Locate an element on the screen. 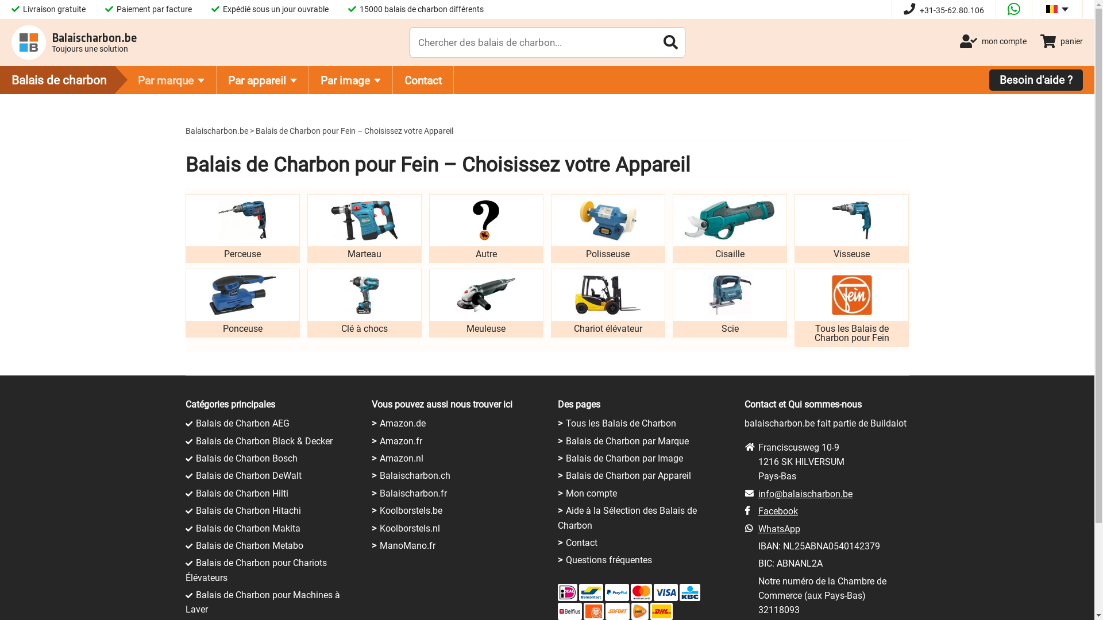 The height and width of the screenshot is (620, 1103). 'Bancontact-logo' is located at coordinates (591, 592).